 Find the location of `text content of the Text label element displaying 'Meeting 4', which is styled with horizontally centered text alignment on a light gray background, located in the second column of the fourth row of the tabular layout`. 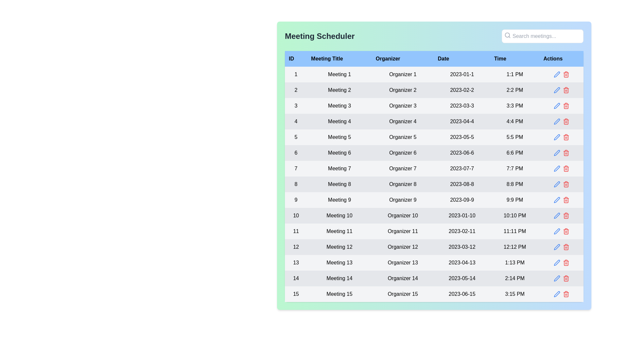

text content of the Text label element displaying 'Meeting 4', which is styled with horizontally centered text alignment on a light gray background, located in the second column of the fourth row of the tabular layout is located at coordinates (339, 121).